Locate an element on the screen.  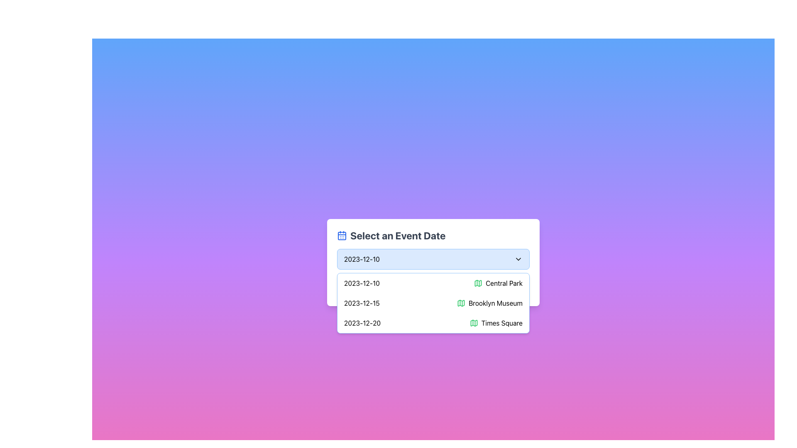
the first list item in the dropdown menu displaying '2023-12-10 Central Park' is located at coordinates (433, 282).